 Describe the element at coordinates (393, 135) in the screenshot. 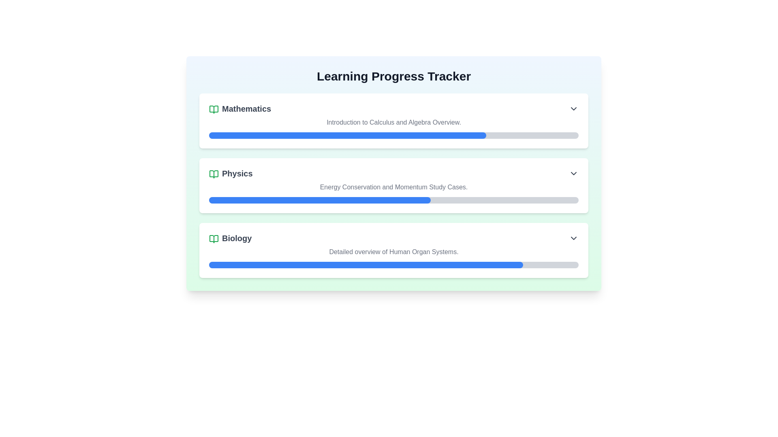

I see `the horizontal progress bar with a gray background and blue filled portion located in the Mathematics section below the text 'Introduction to Calculus and Algebra Overview.'` at that location.